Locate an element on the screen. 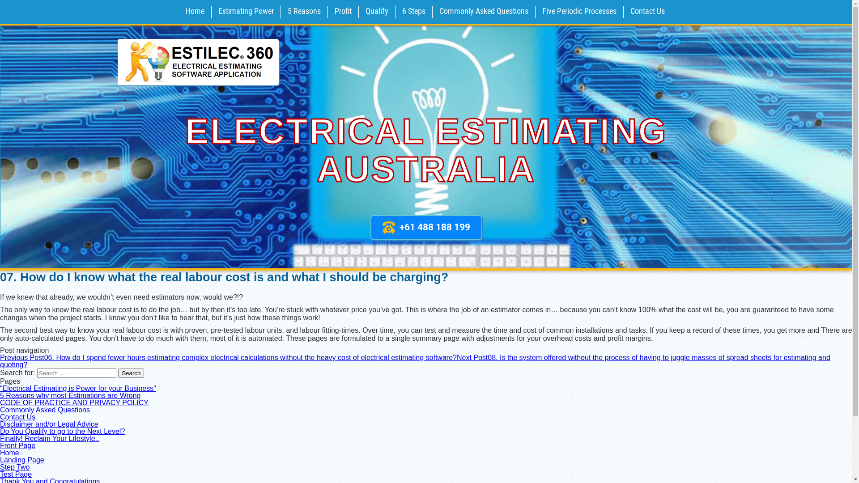 The width and height of the screenshot is (859, 483). 'Commonly Asked Questions' is located at coordinates (483, 12).